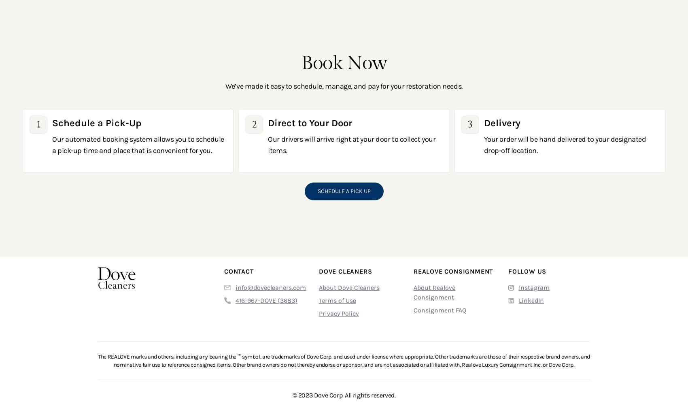 This screenshot has height=410, width=688. What do you see at coordinates (343, 360) in the screenshot?
I see `'The REALOVE marks and others, including any bearing the ™️ symbol, are trademarks of Dove Corp. and used under license where appropriate. Other trademarks are those of their respective brand owners, and nominative fair use to reference consigned items. Other brand owners do not thereby endorse or sponsor, and are not associated or affiliated with, Realove Luxury Consignment Inc. or Dove Corp.'` at bounding box center [343, 360].